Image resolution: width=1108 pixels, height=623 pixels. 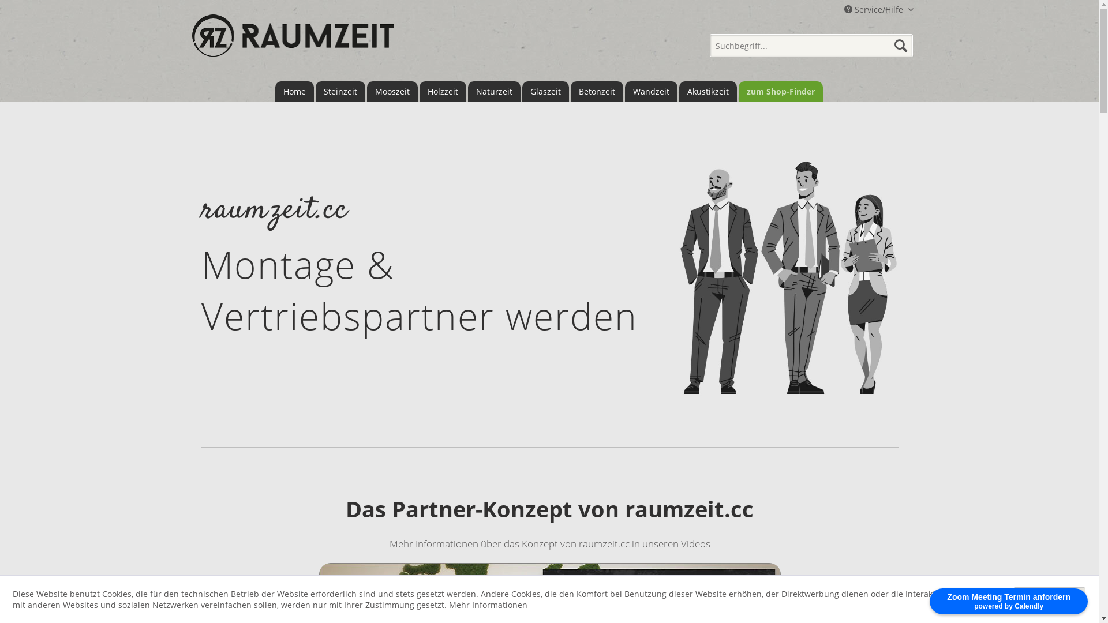 What do you see at coordinates (441, 91) in the screenshot?
I see `'Holzzeit'` at bounding box center [441, 91].